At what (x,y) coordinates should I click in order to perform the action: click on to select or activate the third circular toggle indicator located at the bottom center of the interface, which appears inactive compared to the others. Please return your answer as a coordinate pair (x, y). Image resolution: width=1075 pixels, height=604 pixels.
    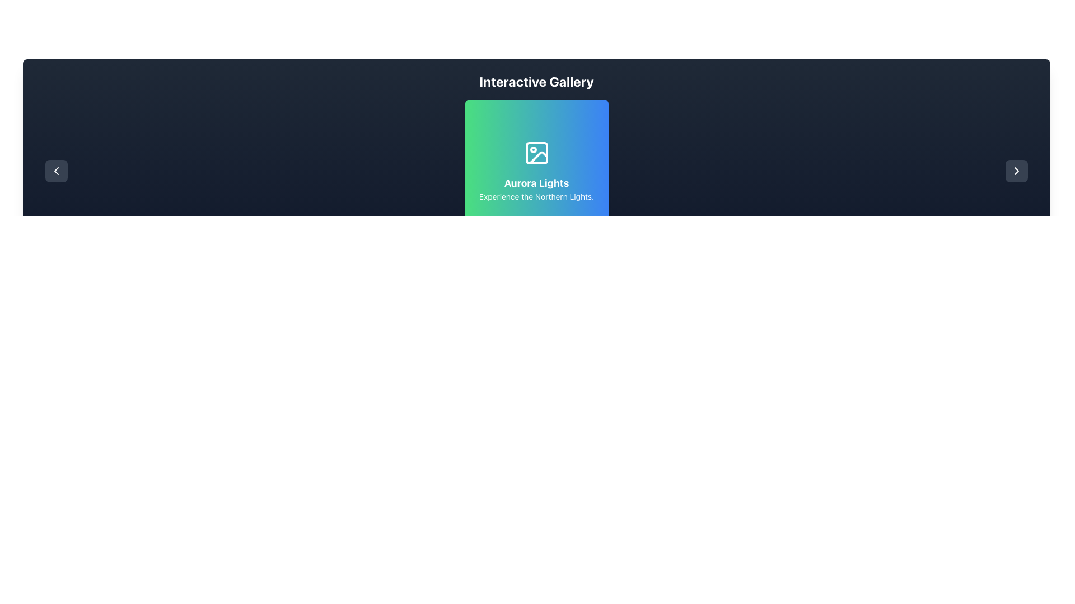
    Looking at the image, I should click on (550, 256).